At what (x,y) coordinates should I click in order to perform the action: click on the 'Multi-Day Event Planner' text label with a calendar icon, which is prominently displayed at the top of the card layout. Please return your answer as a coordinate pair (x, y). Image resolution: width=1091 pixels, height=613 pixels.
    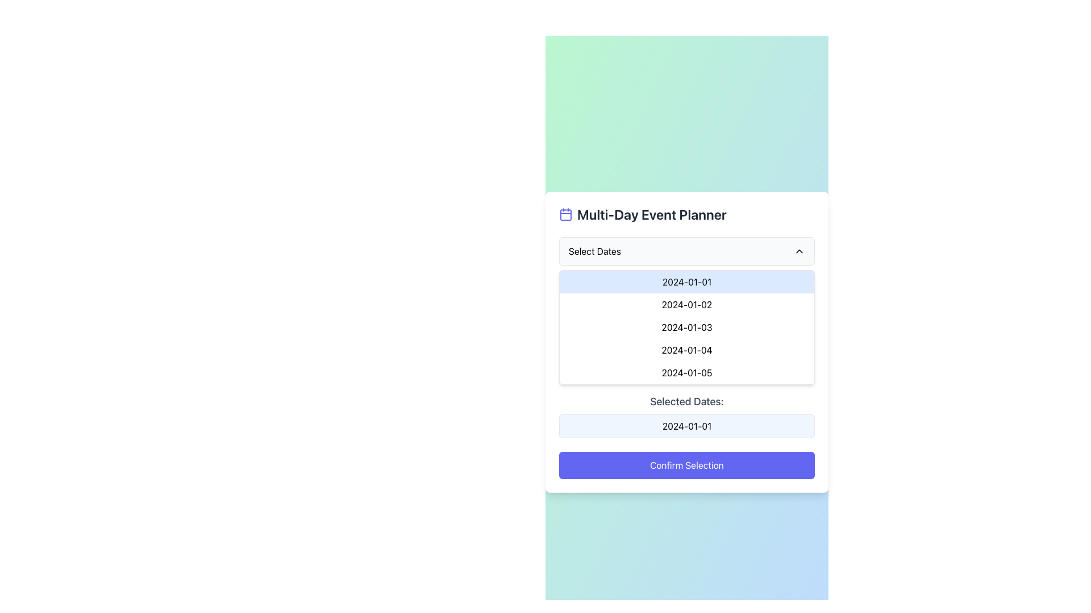
    Looking at the image, I should click on (686, 215).